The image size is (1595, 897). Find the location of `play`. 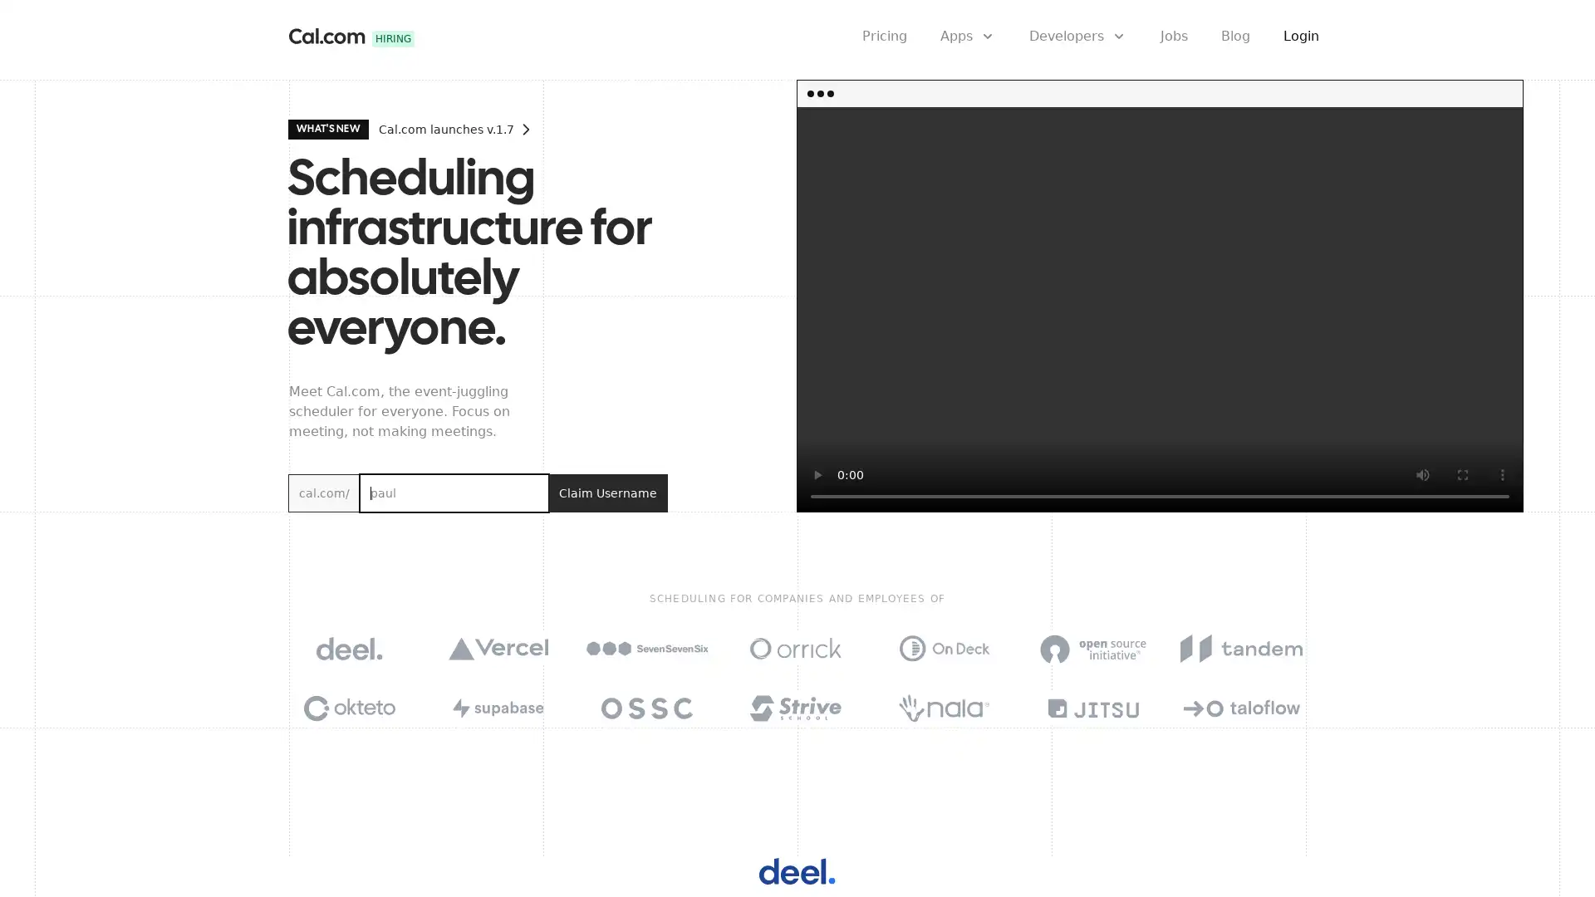

play is located at coordinates (817, 474).